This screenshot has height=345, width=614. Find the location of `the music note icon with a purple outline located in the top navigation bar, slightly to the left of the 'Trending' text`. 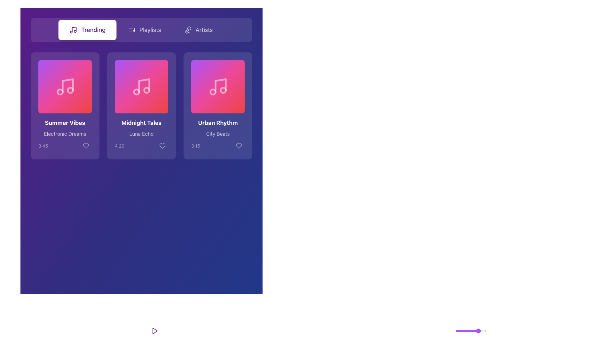

the music note icon with a purple outline located in the top navigation bar, slightly to the left of the 'Trending' text is located at coordinates (73, 30).